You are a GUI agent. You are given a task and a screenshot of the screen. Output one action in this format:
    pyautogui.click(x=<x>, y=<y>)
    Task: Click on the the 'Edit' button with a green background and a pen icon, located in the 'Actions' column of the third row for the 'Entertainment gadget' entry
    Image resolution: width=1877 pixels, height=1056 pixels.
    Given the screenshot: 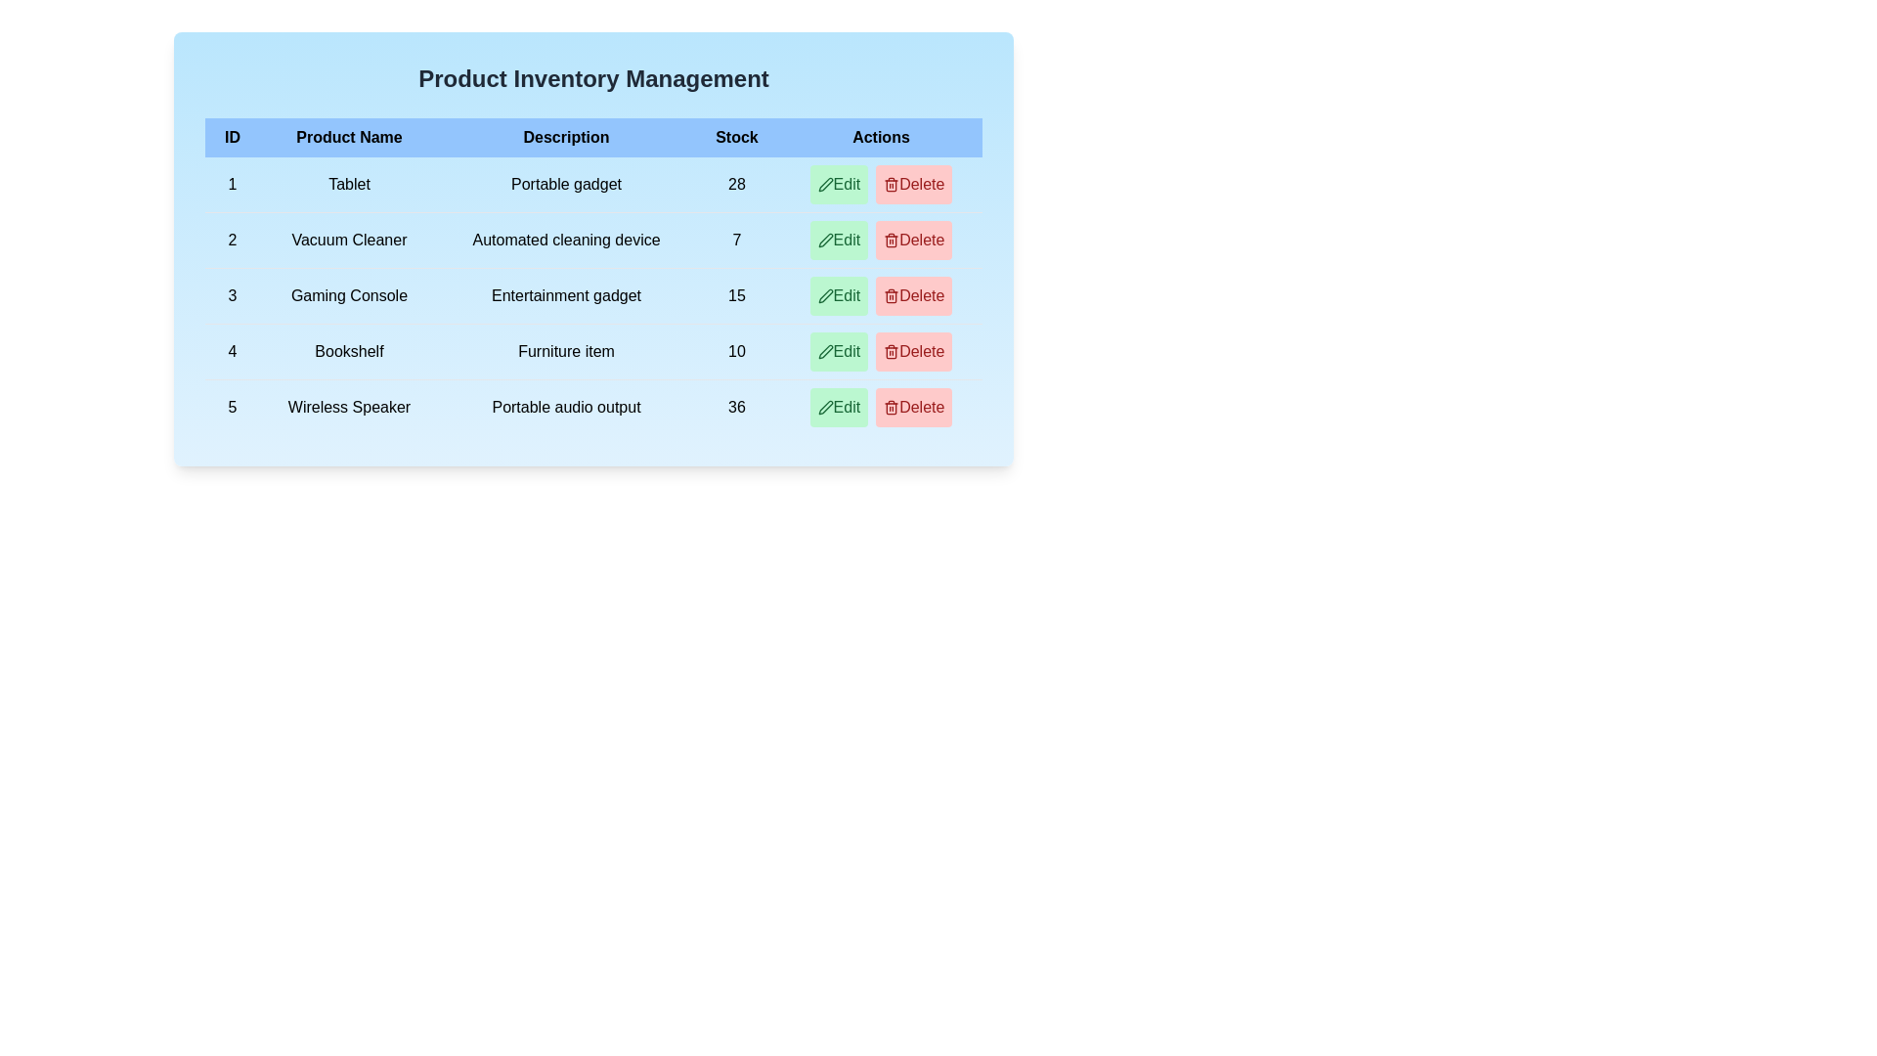 What is the action you would take?
    pyautogui.click(x=839, y=296)
    